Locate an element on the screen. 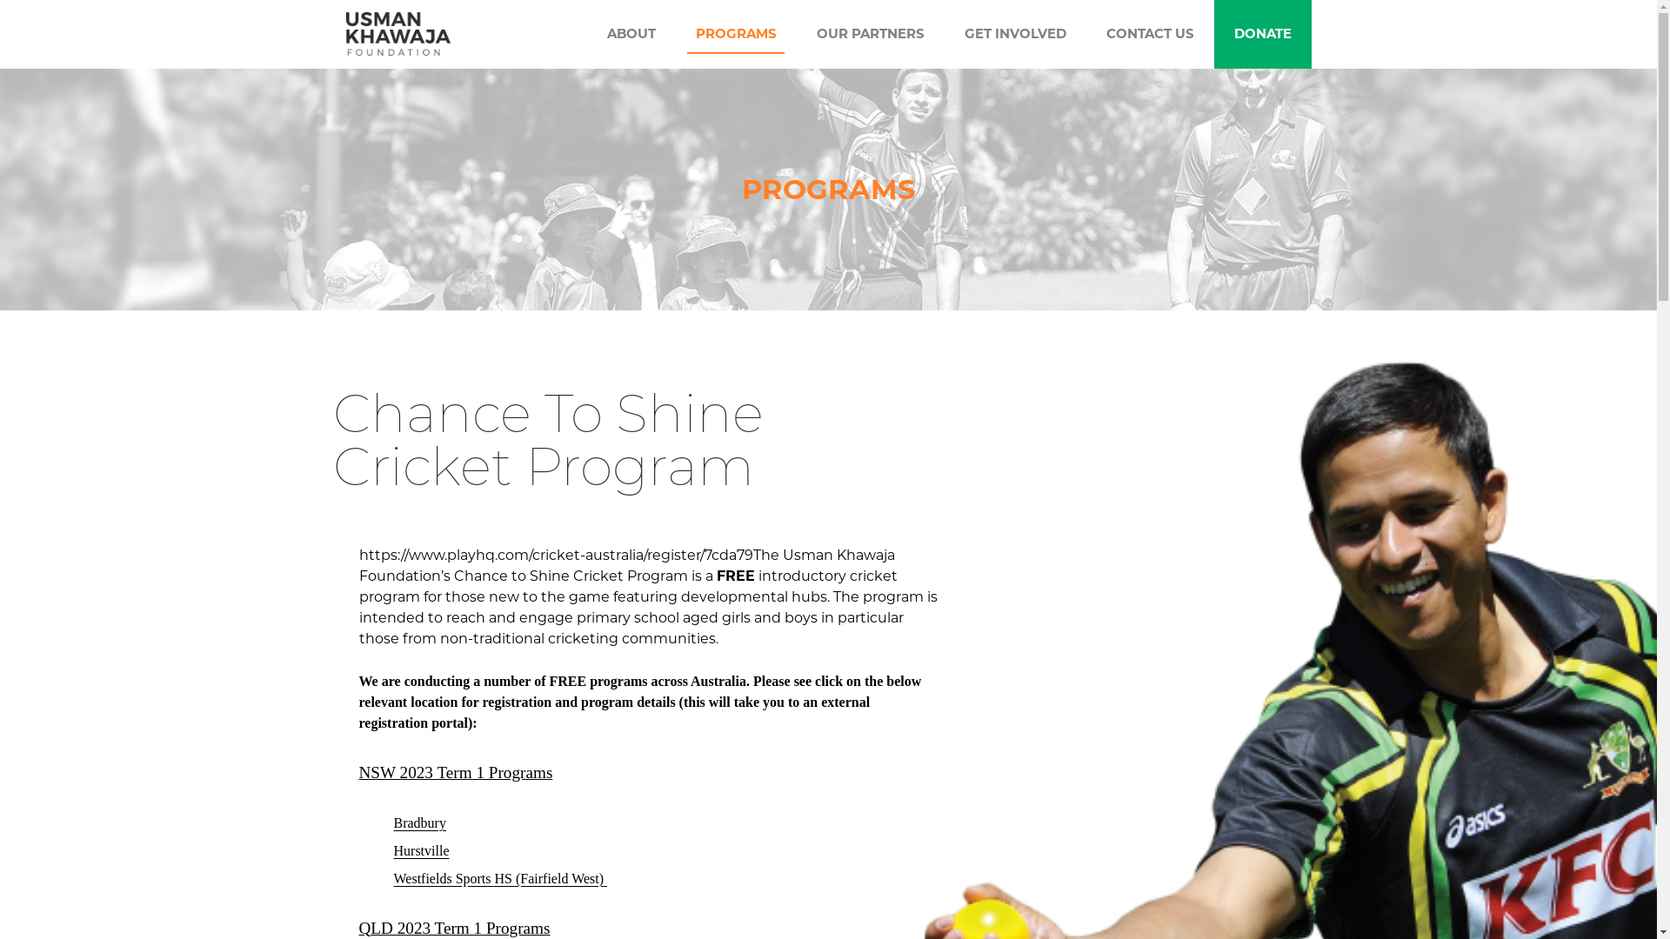  'https://www.playhq.com/cricket-australia/register/7cda79' is located at coordinates (554, 555).